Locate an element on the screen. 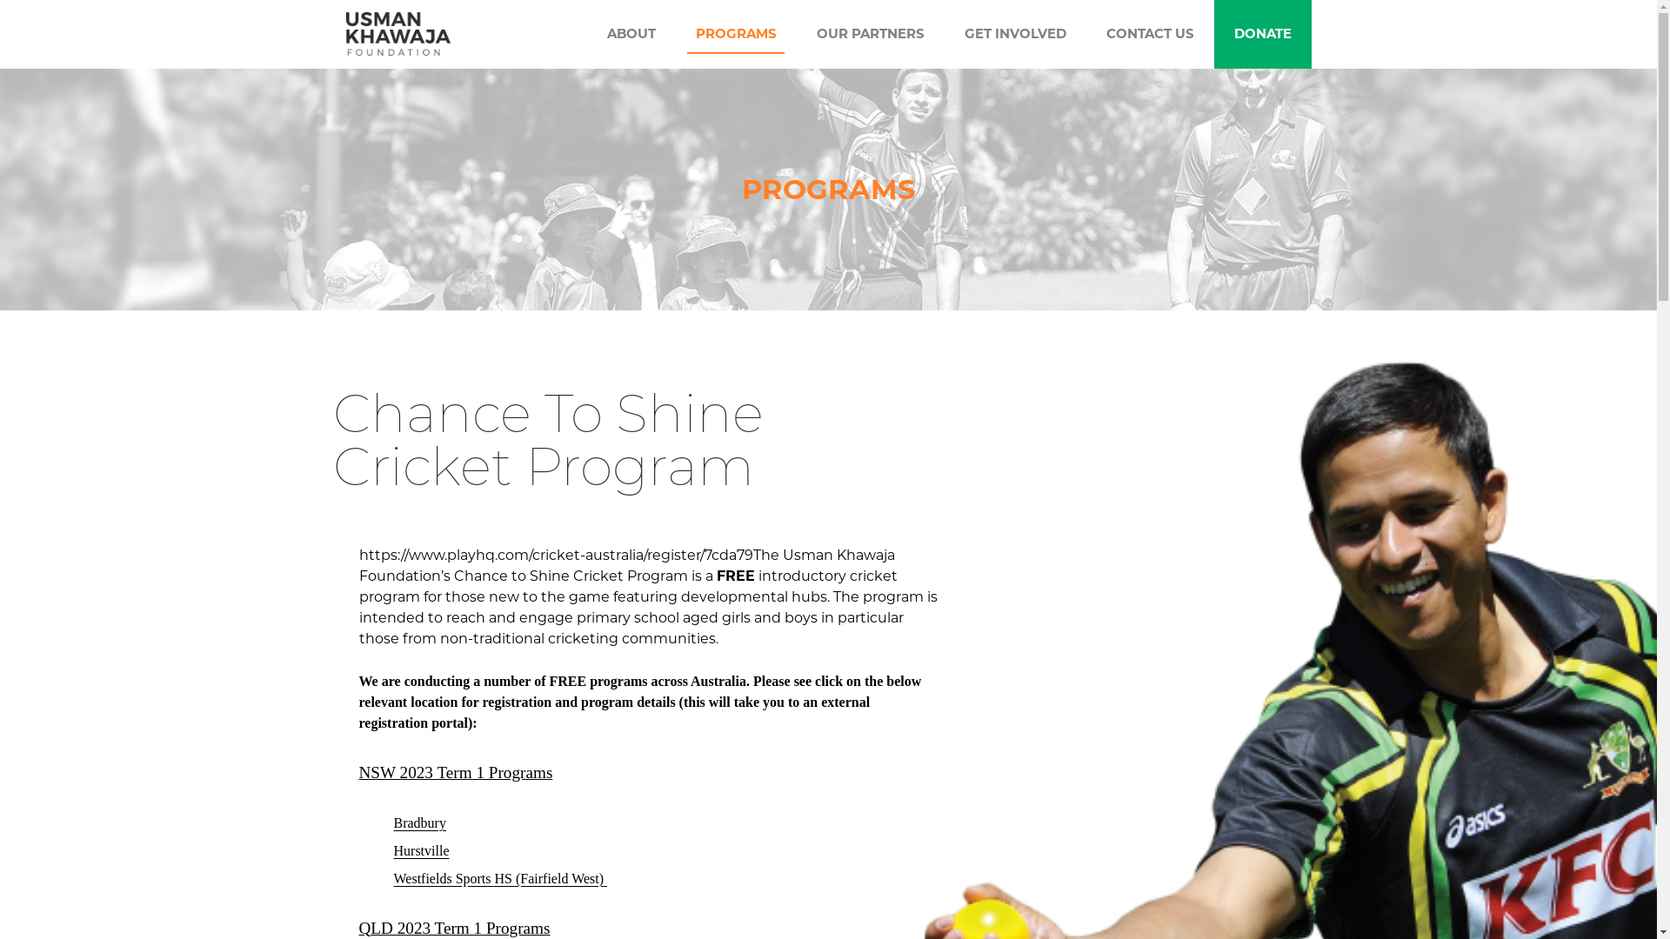  'https://www.playhq.com/cricket-australia/register/7cda79' is located at coordinates (554, 555).